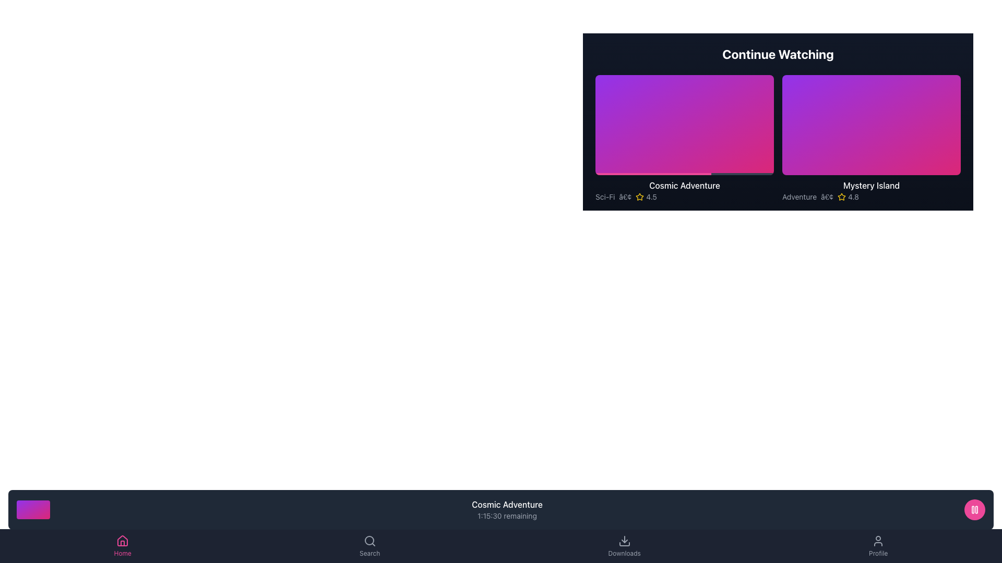 The height and width of the screenshot is (563, 1002). Describe the element at coordinates (853, 197) in the screenshot. I see `the text label displaying the rating for 'Mystery Island' located in the 'Continue Watching' section, which follows a star icon` at that location.